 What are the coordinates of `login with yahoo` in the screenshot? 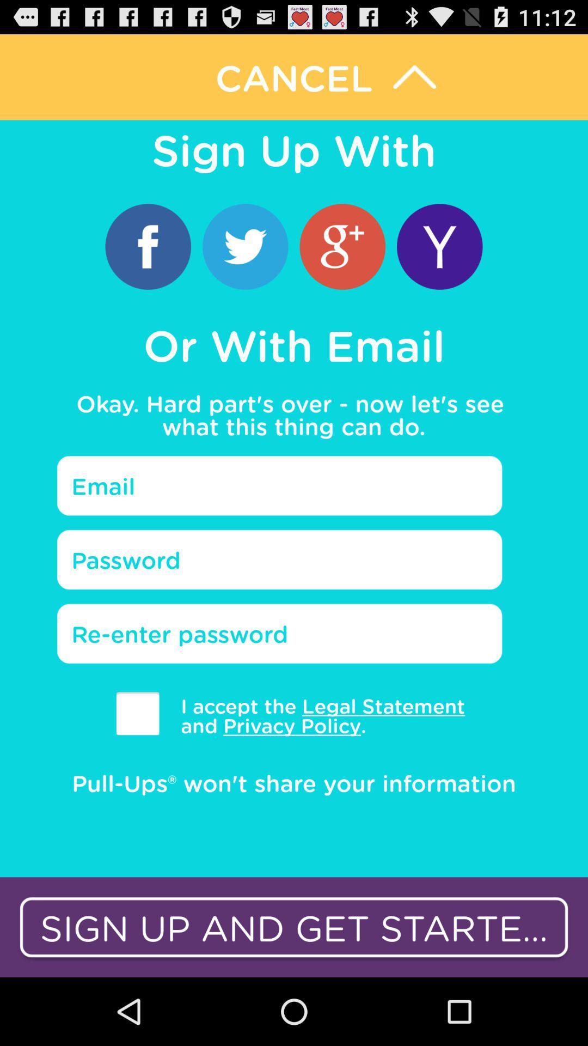 It's located at (439, 246).